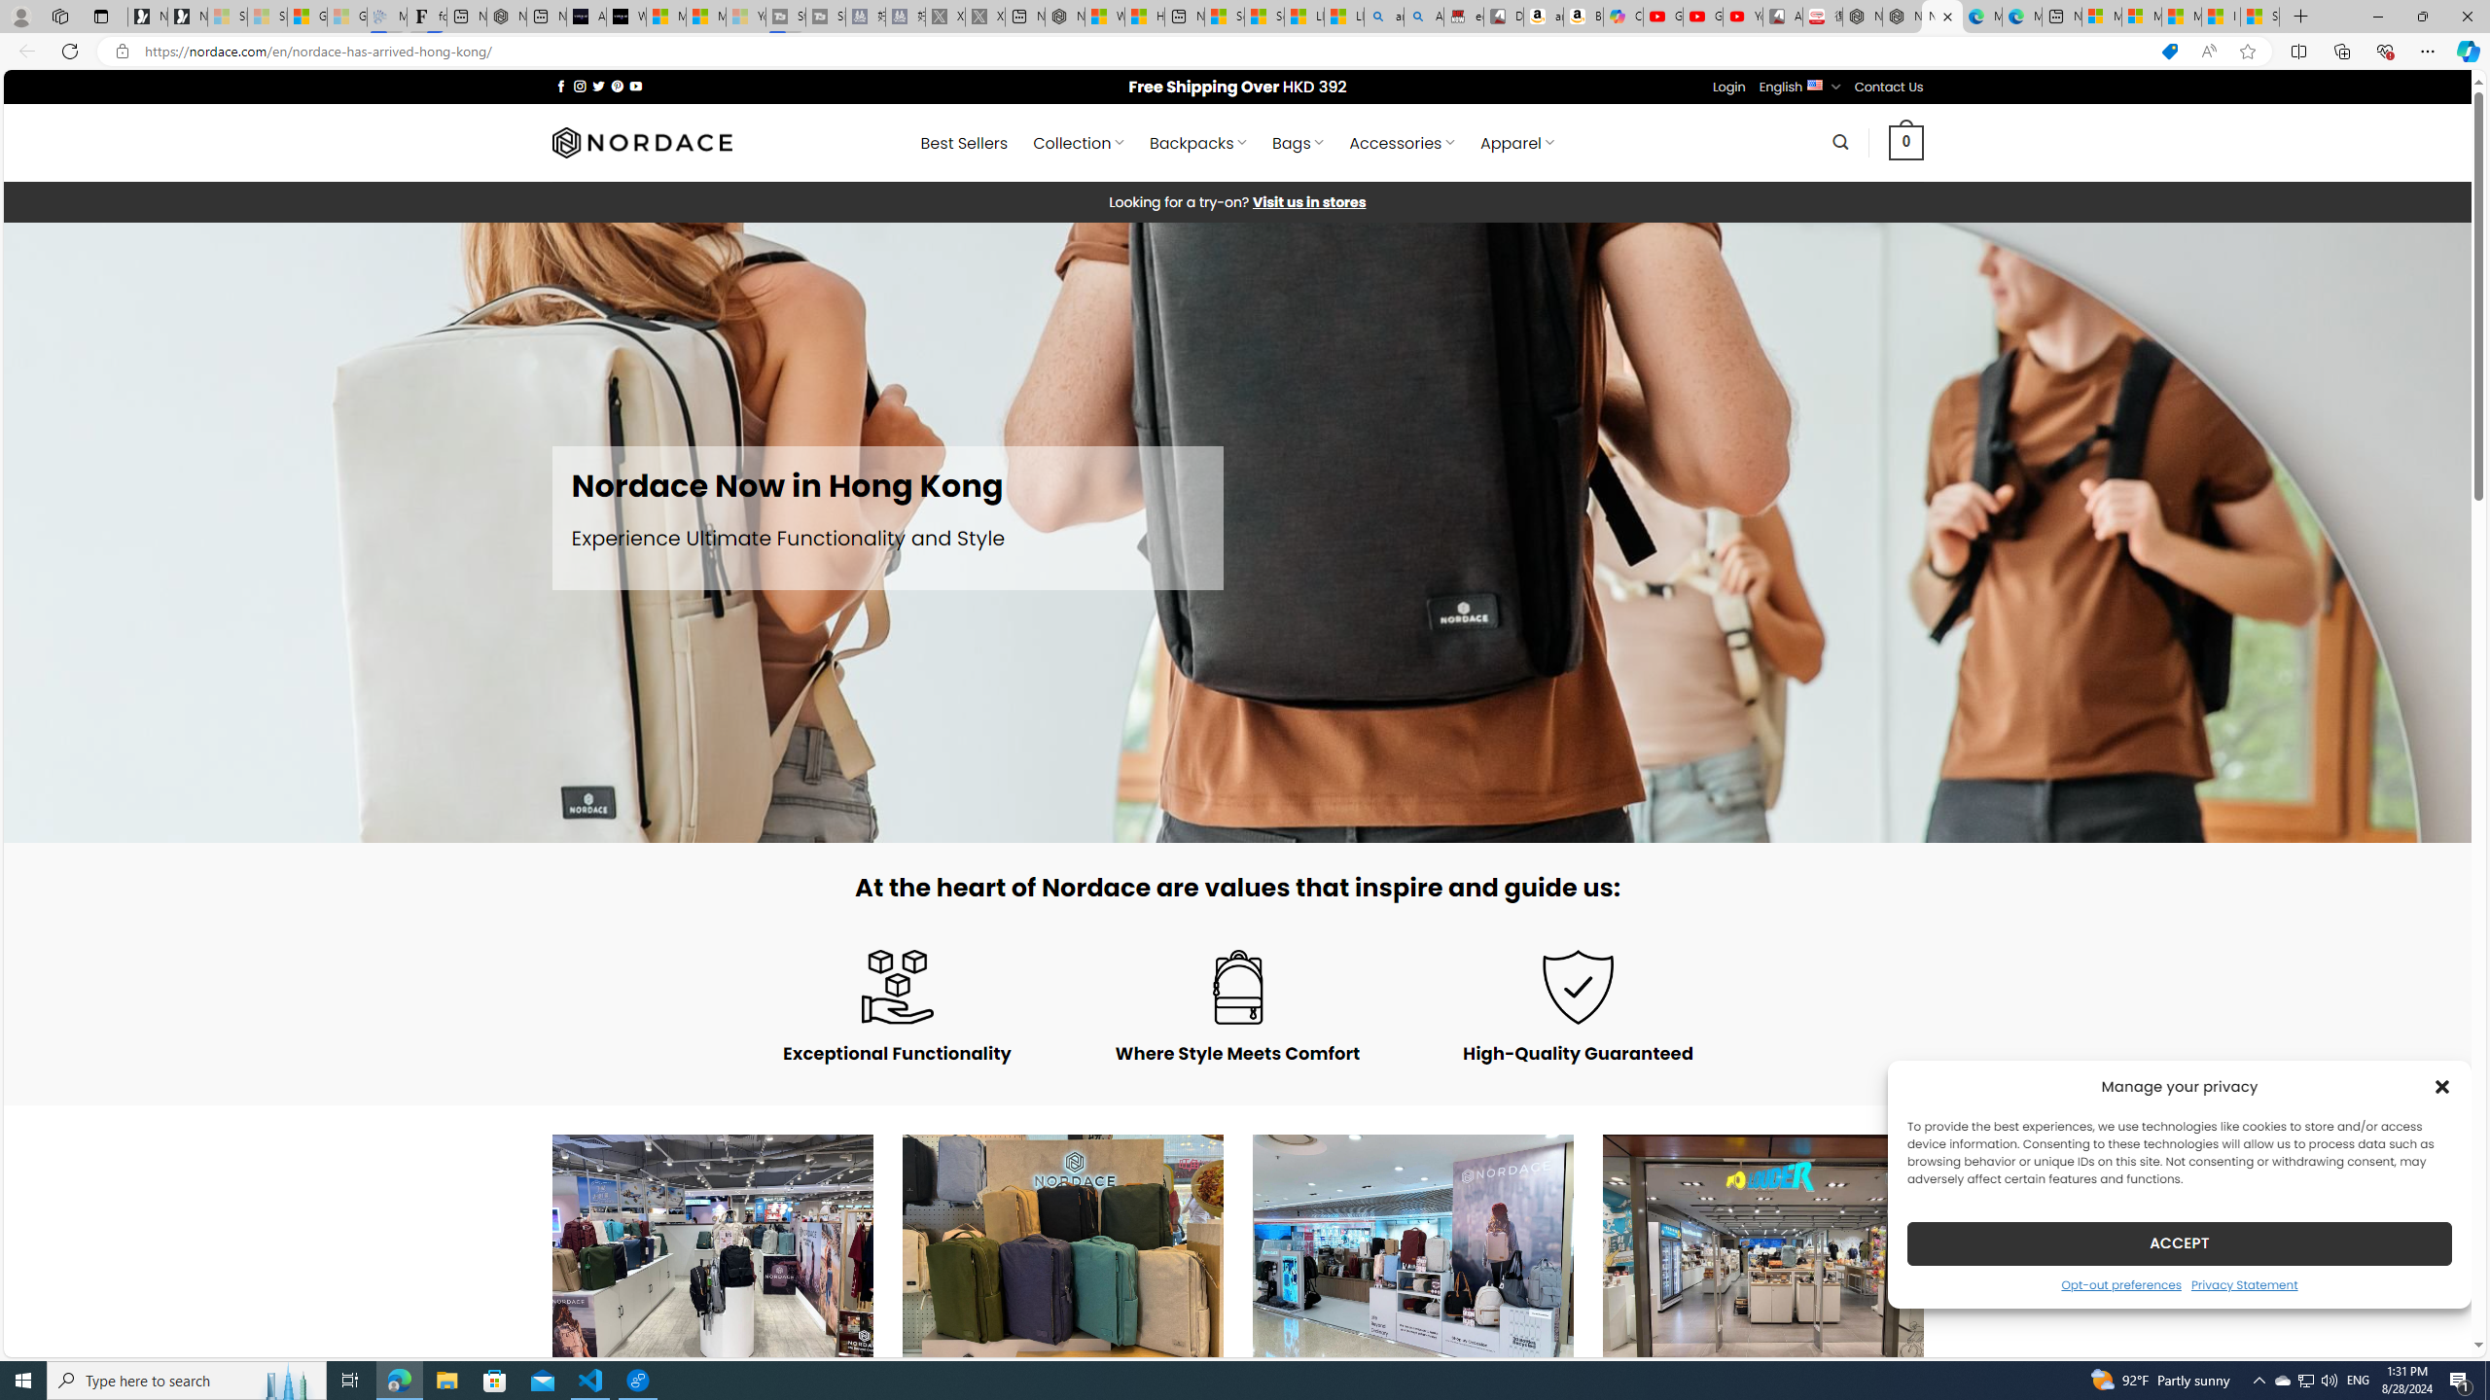 This screenshot has height=1400, width=2490. What do you see at coordinates (1383, 16) in the screenshot?
I see `'amazon - Search'` at bounding box center [1383, 16].